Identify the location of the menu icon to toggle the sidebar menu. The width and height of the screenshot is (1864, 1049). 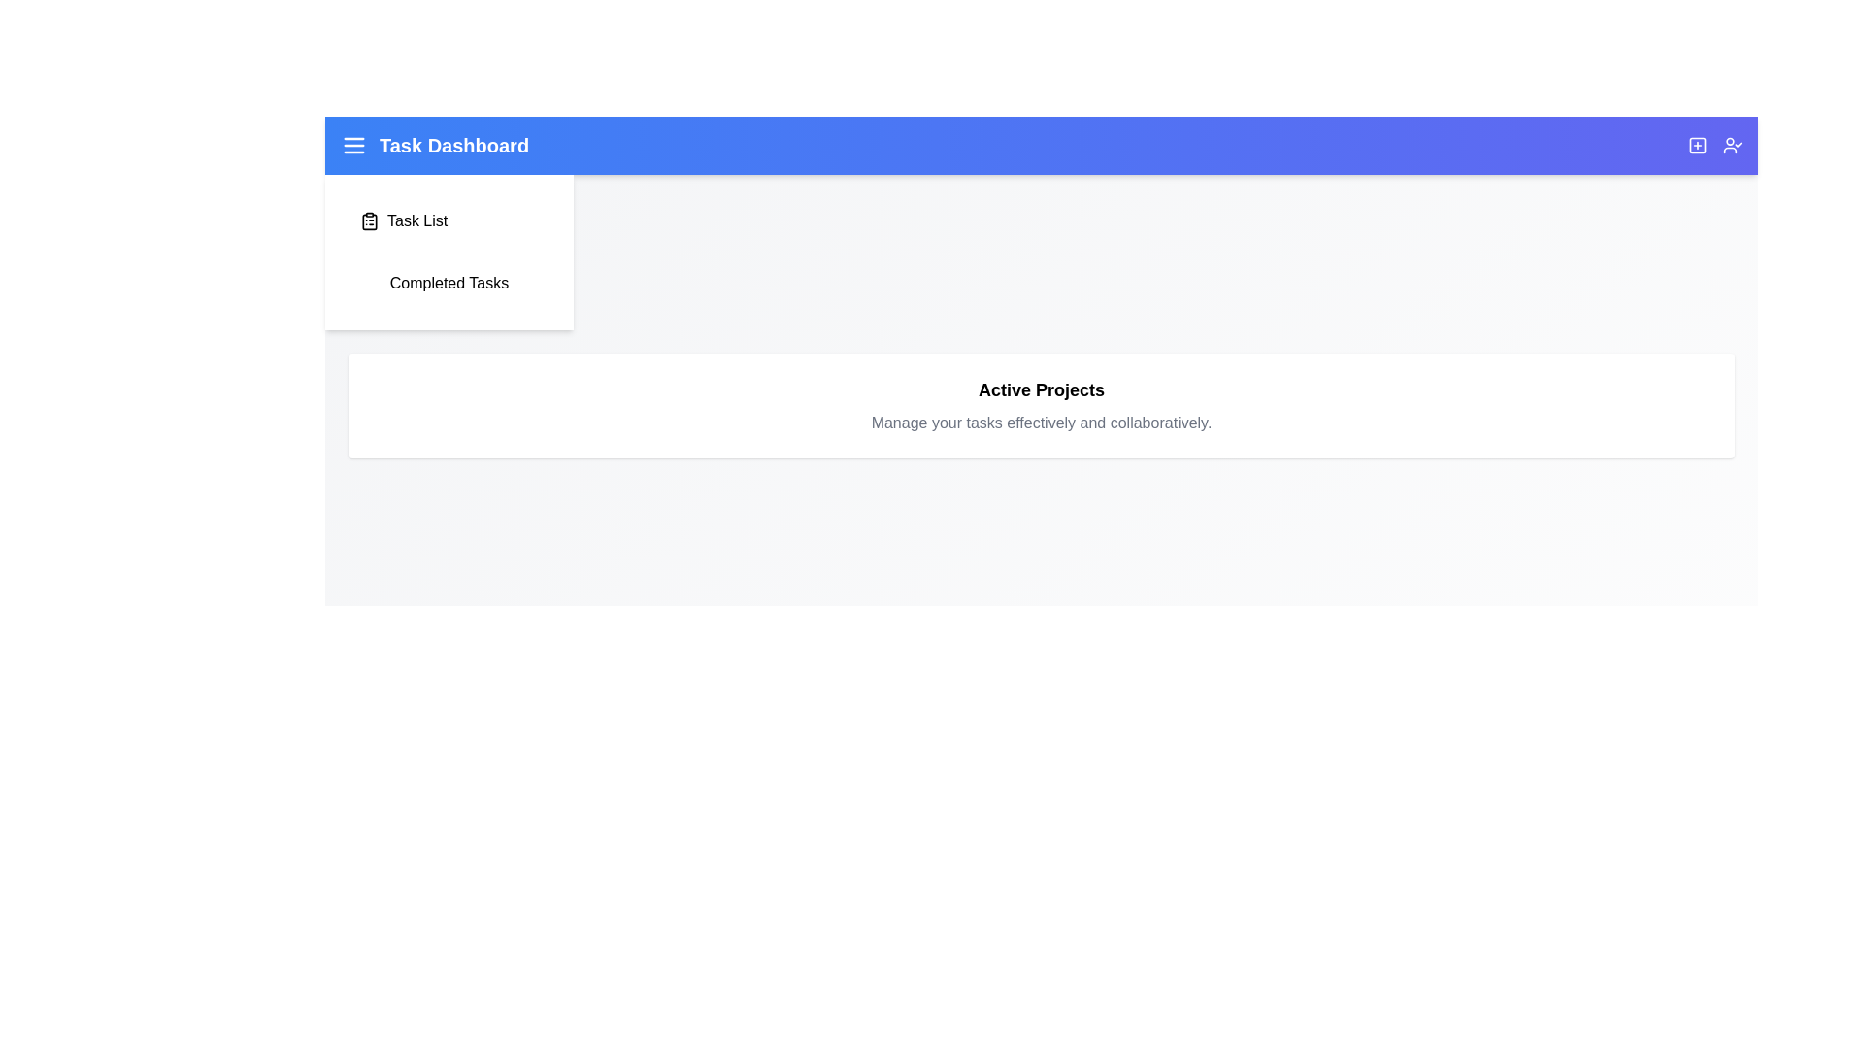
(353, 145).